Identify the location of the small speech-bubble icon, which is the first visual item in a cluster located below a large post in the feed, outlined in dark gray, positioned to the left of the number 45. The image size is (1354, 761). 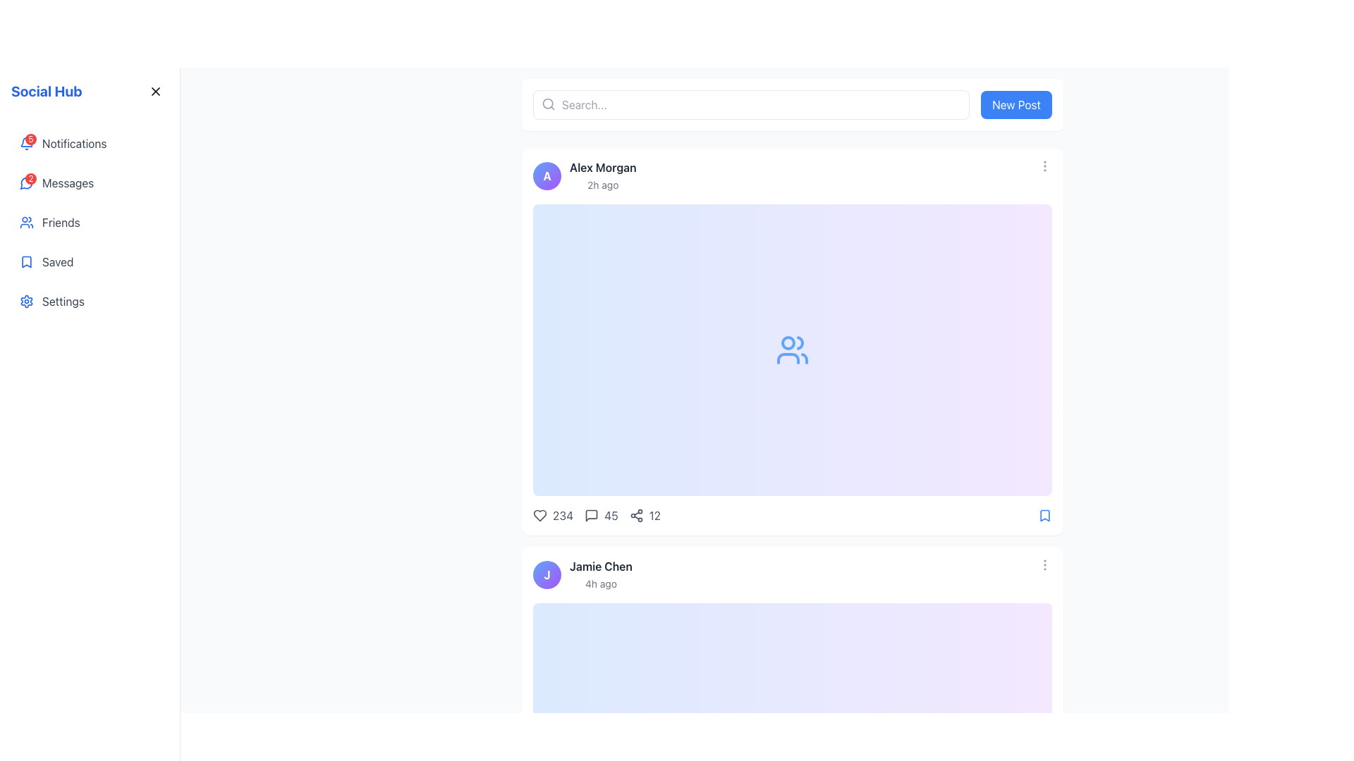
(592, 516).